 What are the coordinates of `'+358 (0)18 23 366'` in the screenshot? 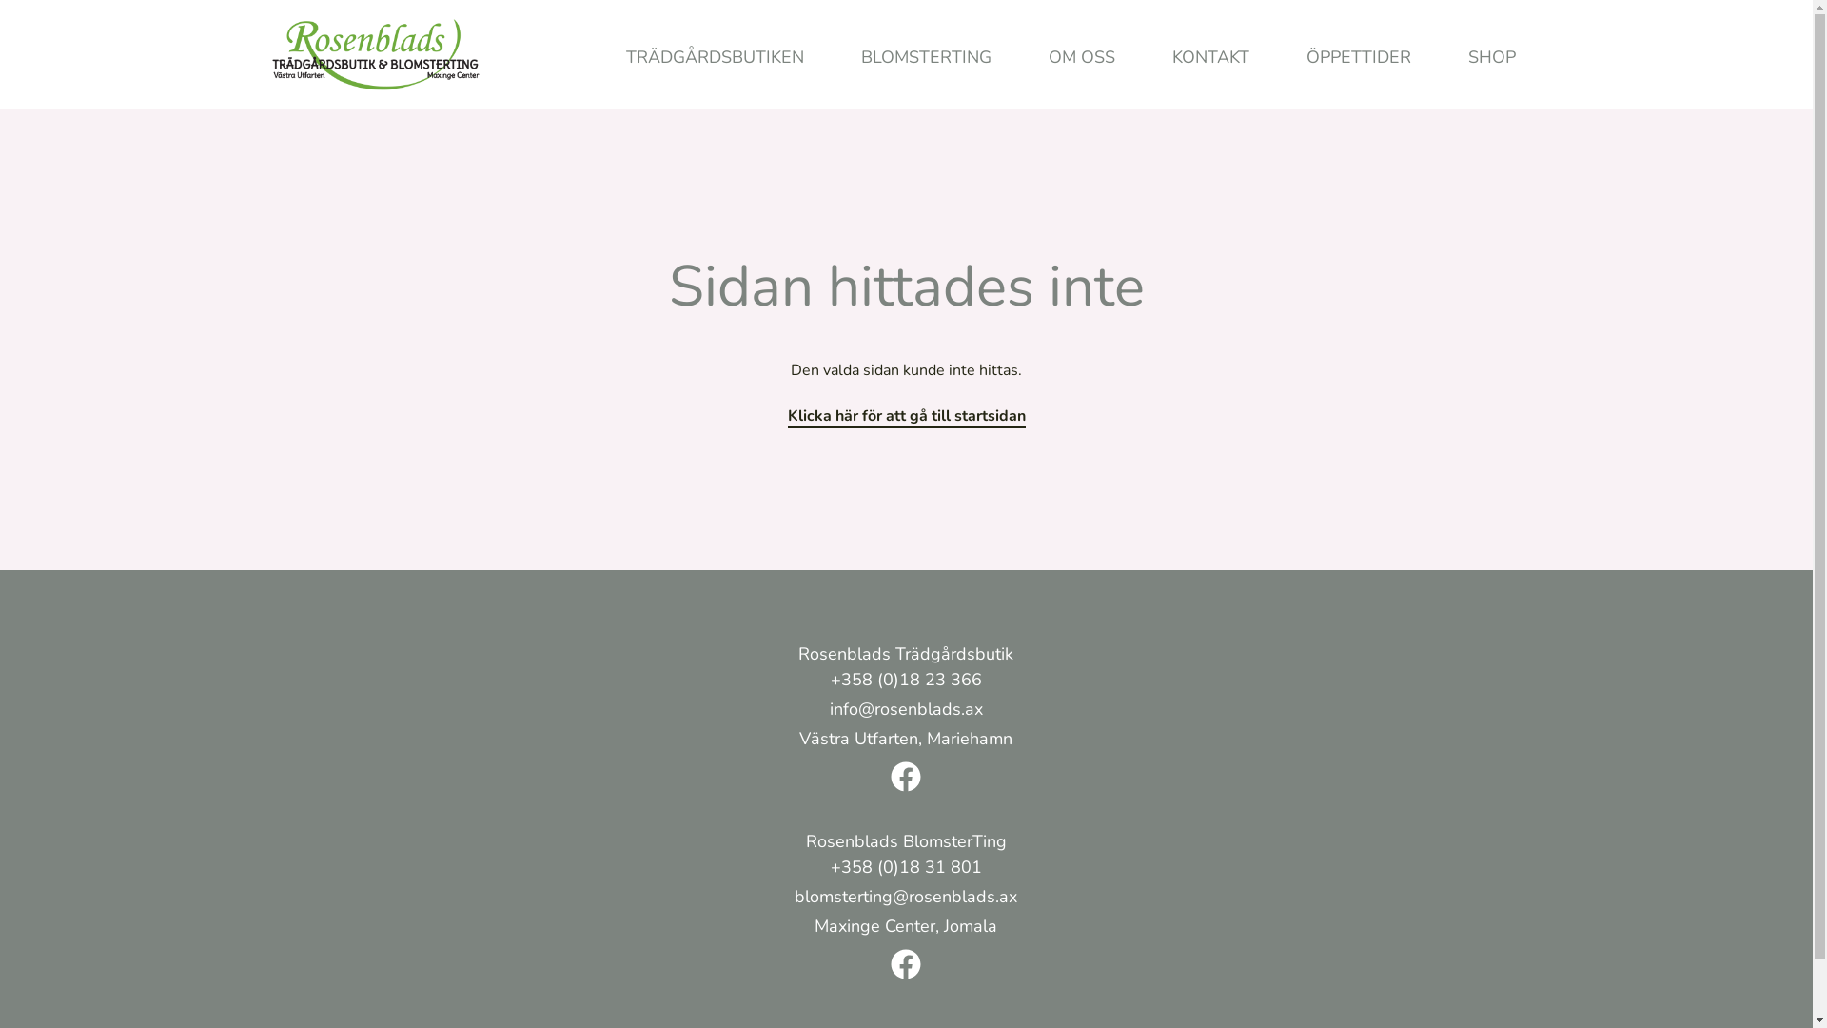 It's located at (905, 681).